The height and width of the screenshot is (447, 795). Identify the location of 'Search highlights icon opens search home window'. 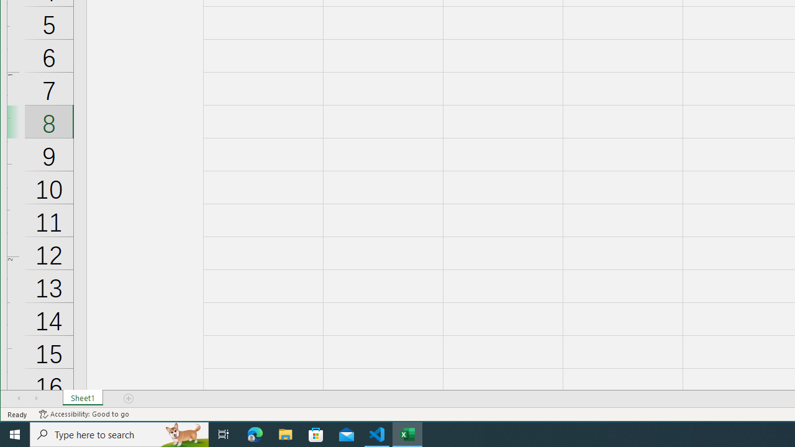
(183, 433).